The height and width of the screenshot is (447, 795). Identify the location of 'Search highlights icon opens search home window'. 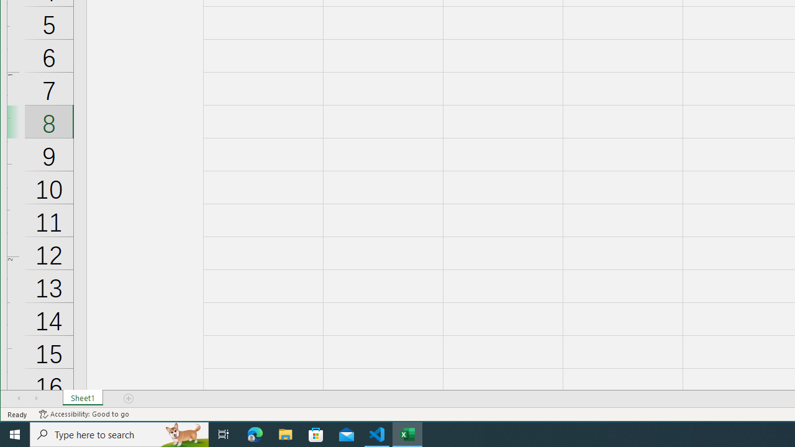
(183, 433).